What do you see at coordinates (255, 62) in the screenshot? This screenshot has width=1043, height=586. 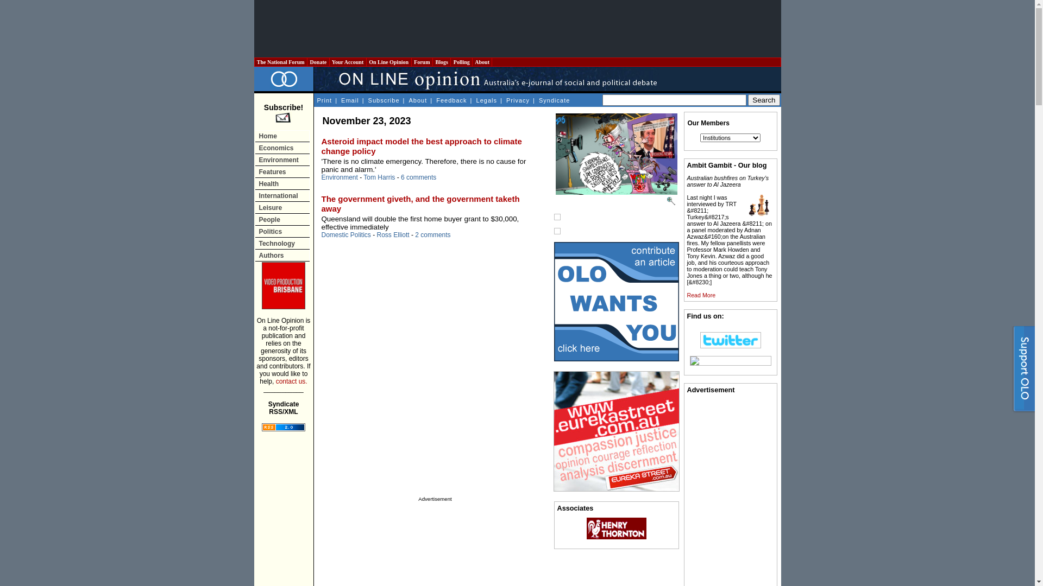 I see `' The National Forum '` at bounding box center [255, 62].